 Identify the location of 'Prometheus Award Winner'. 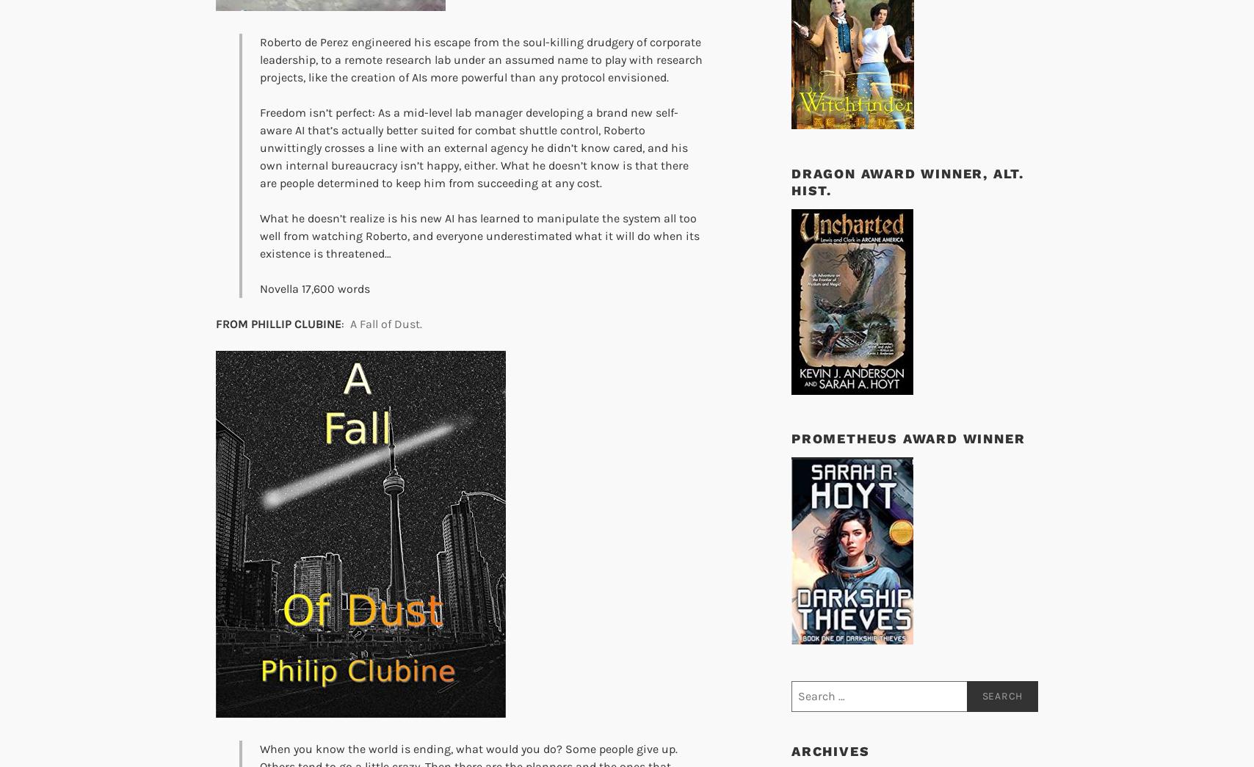
(907, 437).